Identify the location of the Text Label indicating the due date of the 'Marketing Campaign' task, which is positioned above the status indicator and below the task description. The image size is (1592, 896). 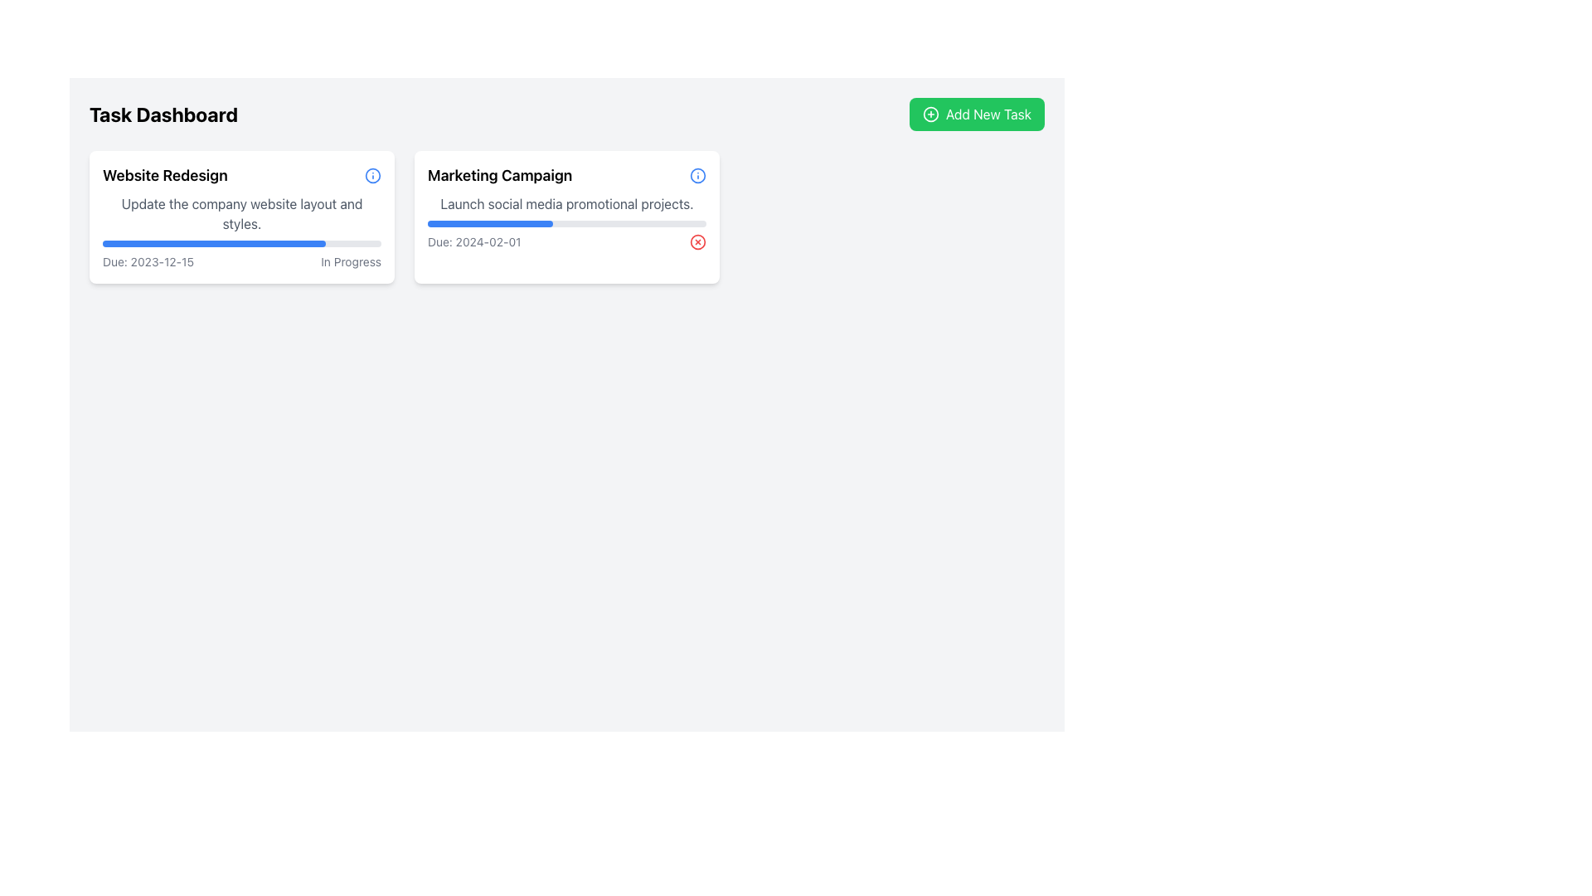
(473, 242).